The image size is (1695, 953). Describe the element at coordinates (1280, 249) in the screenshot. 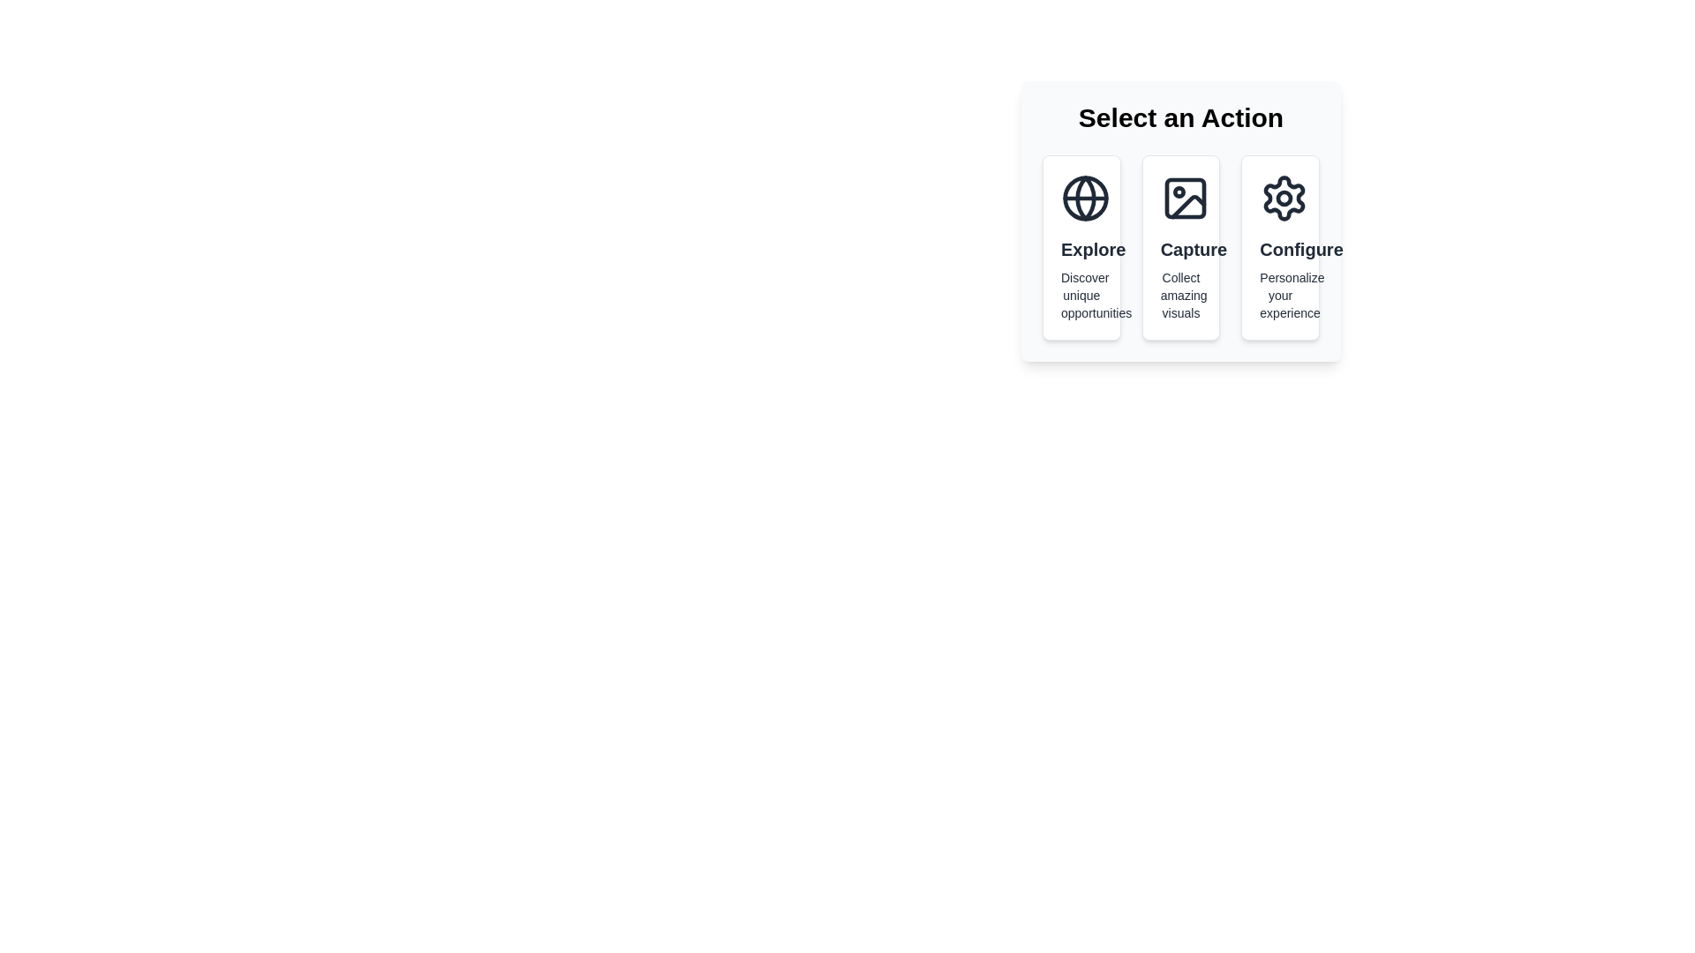

I see `the 'Configure' label, which is displayed in bold text inside a selectable card in the third column of a three-column layout` at that location.